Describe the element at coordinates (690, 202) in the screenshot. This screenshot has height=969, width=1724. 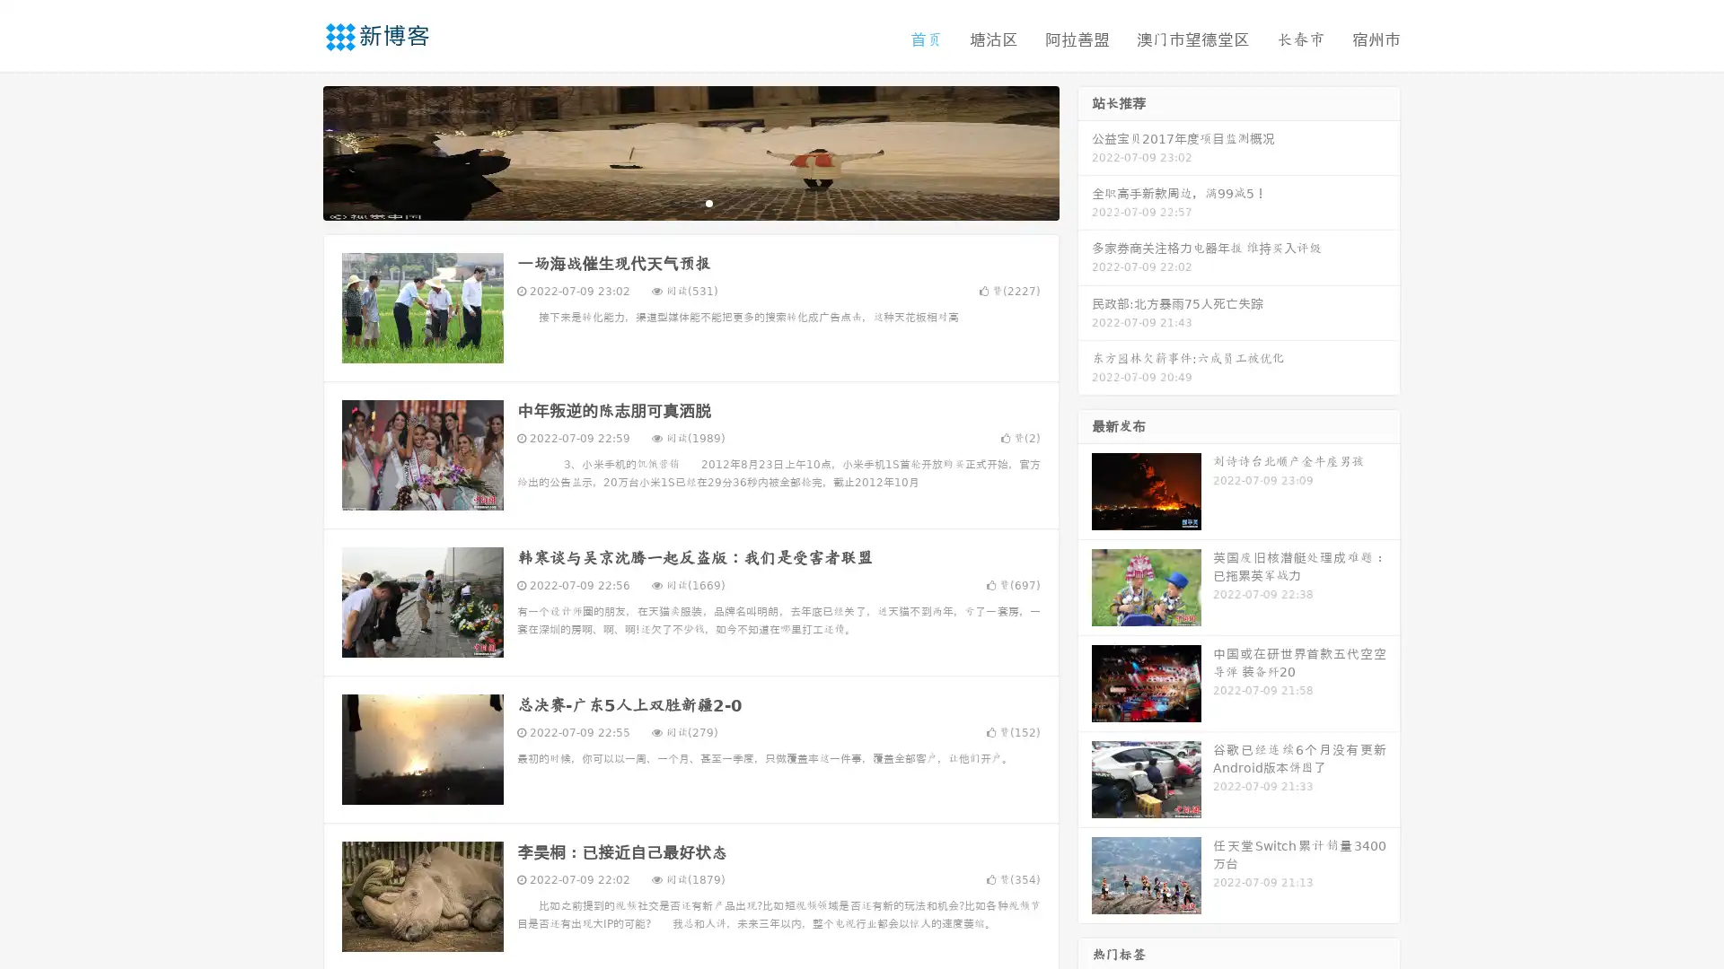
I see `Go to slide 2` at that location.